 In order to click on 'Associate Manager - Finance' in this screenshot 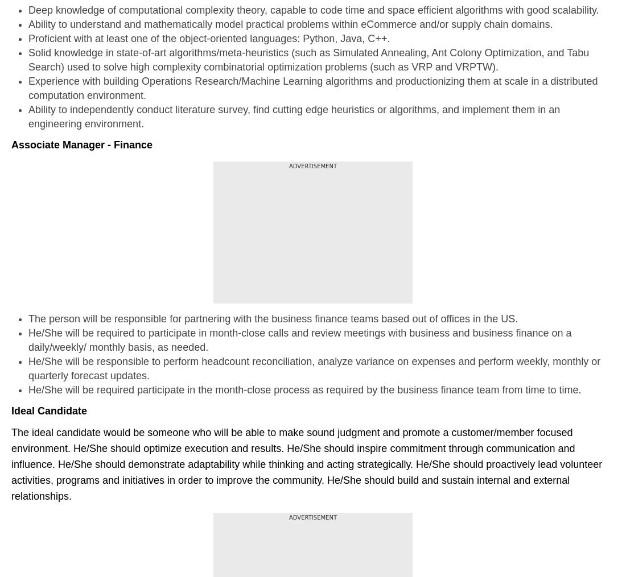, I will do `click(11, 144)`.